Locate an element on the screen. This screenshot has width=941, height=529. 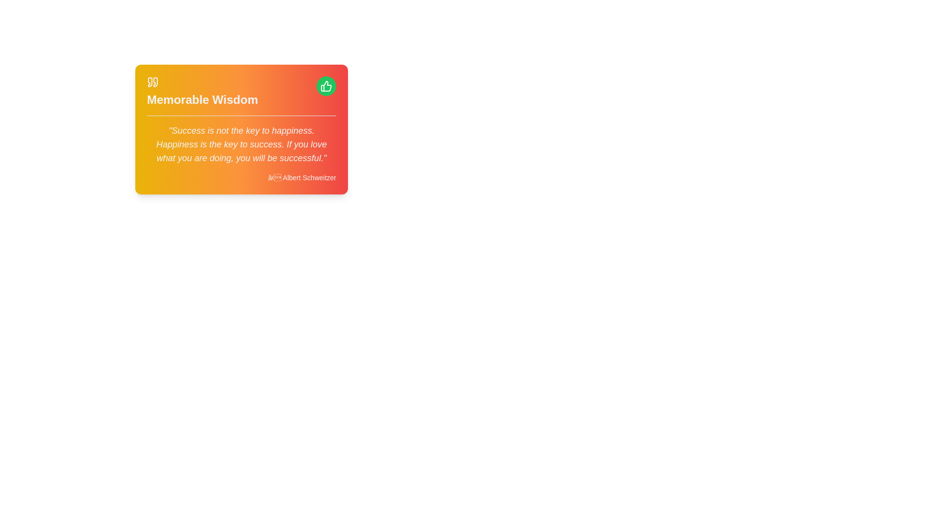
the right-side quotation mark component of the SVG icon located in the top-left icon area of the colorful card near the heading 'Memorable Wisdom' is located at coordinates (155, 82).